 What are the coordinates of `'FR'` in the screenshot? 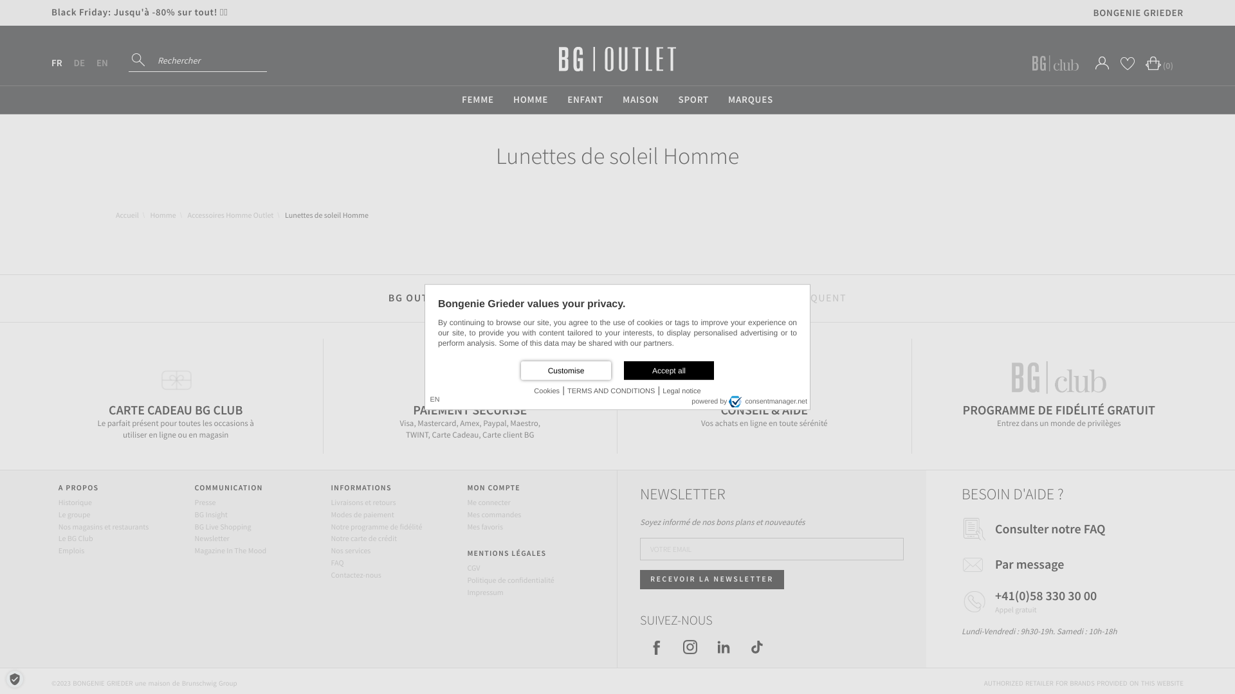 It's located at (56, 63).